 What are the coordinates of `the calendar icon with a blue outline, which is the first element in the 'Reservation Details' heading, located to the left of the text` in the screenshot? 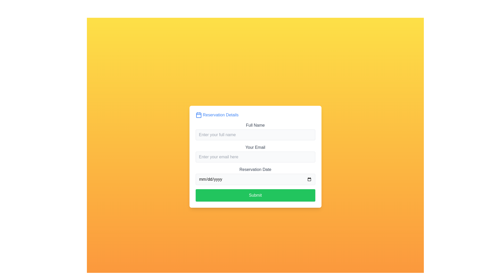 It's located at (198, 115).